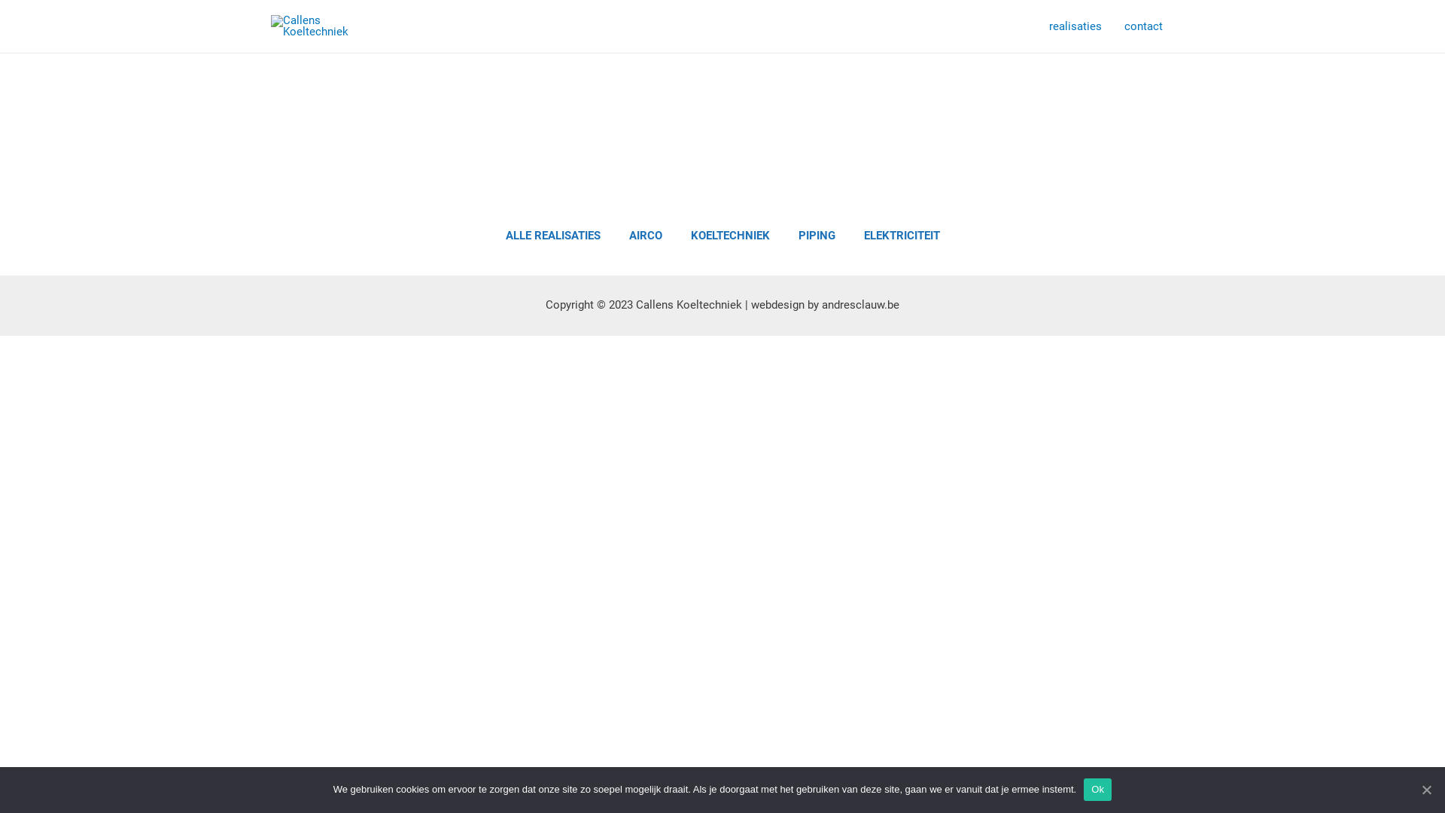 The height and width of the screenshot is (813, 1445). What do you see at coordinates (1143, 26) in the screenshot?
I see `'contact'` at bounding box center [1143, 26].